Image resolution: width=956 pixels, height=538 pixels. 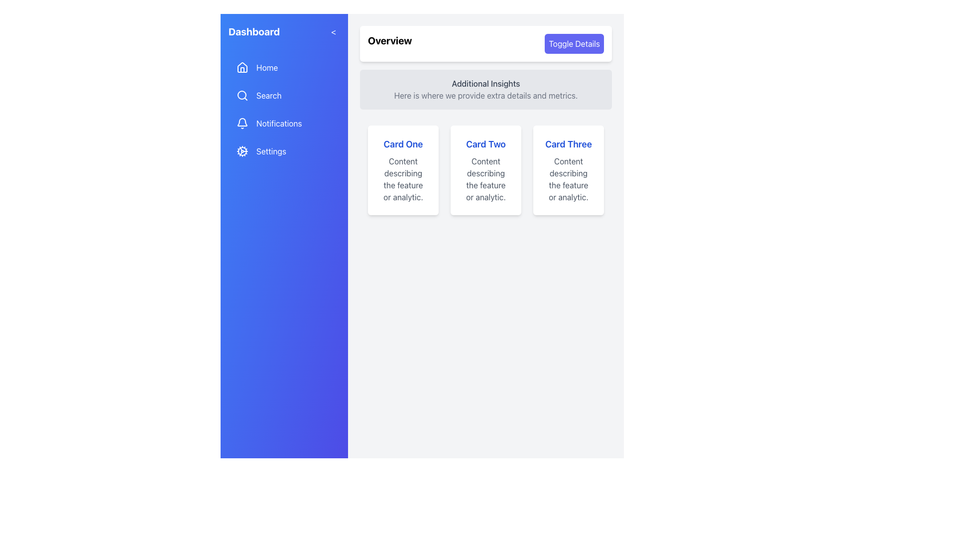 What do you see at coordinates (271, 151) in the screenshot?
I see `the fourth Text label in the sidebar, which leads to the settings page when activated` at bounding box center [271, 151].